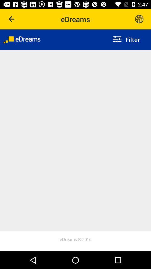  Describe the element at coordinates (139, 19) in the screenshot. I see `icon button` at that location.